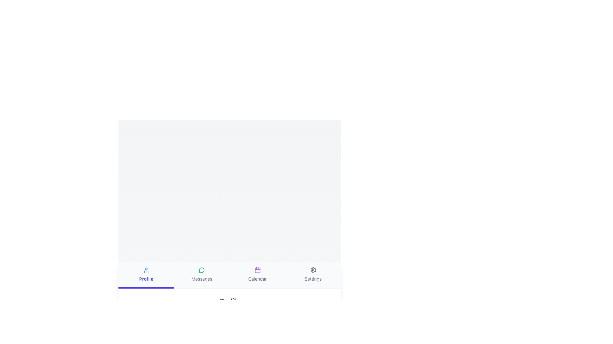 The image size is (613, 344). Describe the element at coordinates (201, 270) in the screenshot. I see `the circular icon with a message bubble shape, presented in green color, located in the 'Messages' tab at the bottom navigation bar` at that location.